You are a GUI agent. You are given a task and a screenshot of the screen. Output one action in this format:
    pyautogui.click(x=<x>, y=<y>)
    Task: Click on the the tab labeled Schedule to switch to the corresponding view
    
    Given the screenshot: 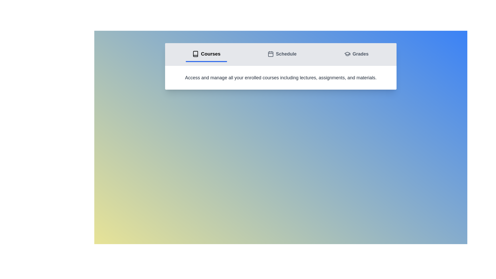 What is the action you would take?
    pyautogui.click(x=282, y=55)
    